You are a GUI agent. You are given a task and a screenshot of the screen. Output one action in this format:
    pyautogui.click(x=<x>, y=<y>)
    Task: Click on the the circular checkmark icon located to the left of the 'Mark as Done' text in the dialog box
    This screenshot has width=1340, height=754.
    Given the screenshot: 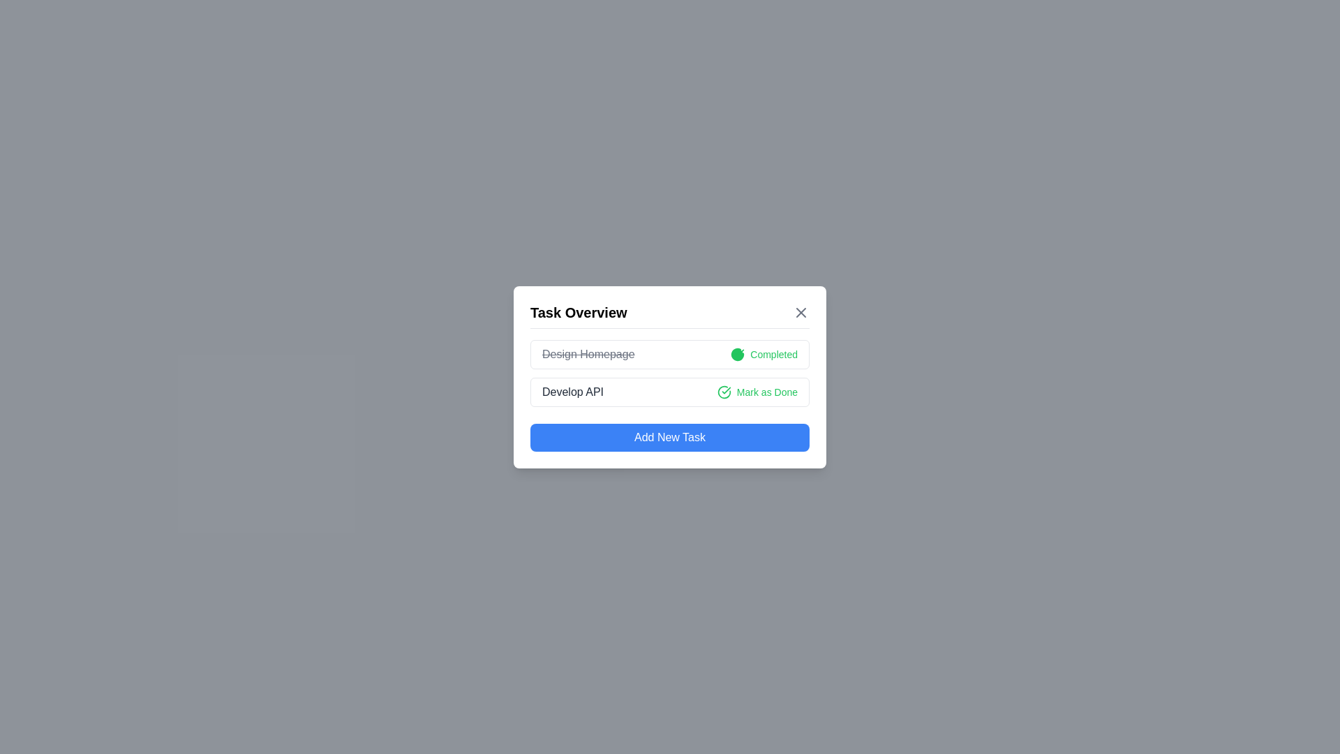 What is the action you would take?
    pyautogui.click(x=724, y=392)
    